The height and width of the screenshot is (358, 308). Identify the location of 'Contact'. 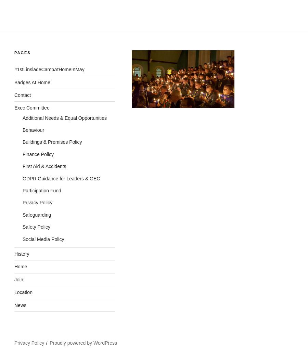
(22, 94).